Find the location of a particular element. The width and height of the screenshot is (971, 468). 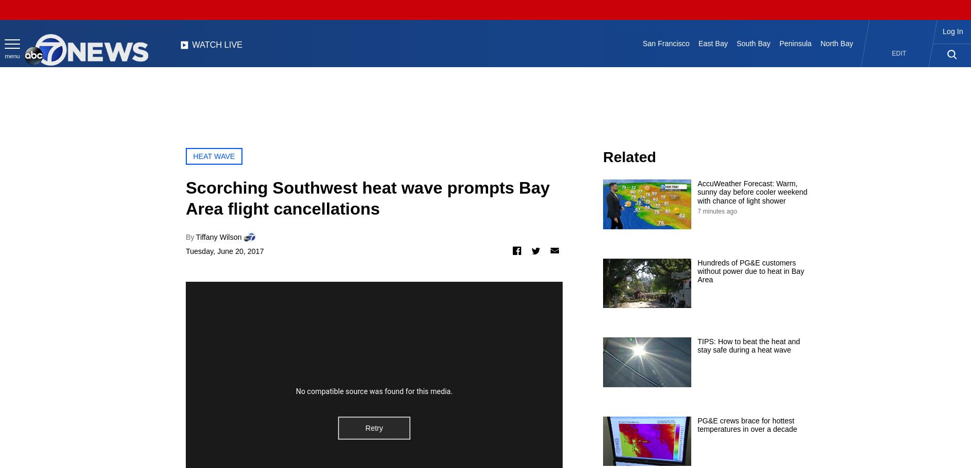

'WATCH' is located at coordinates (206, 44).